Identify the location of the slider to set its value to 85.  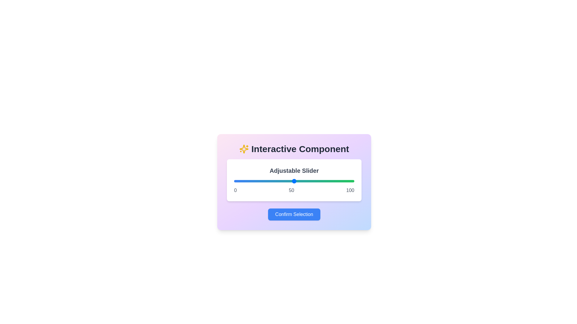
(336, 181).